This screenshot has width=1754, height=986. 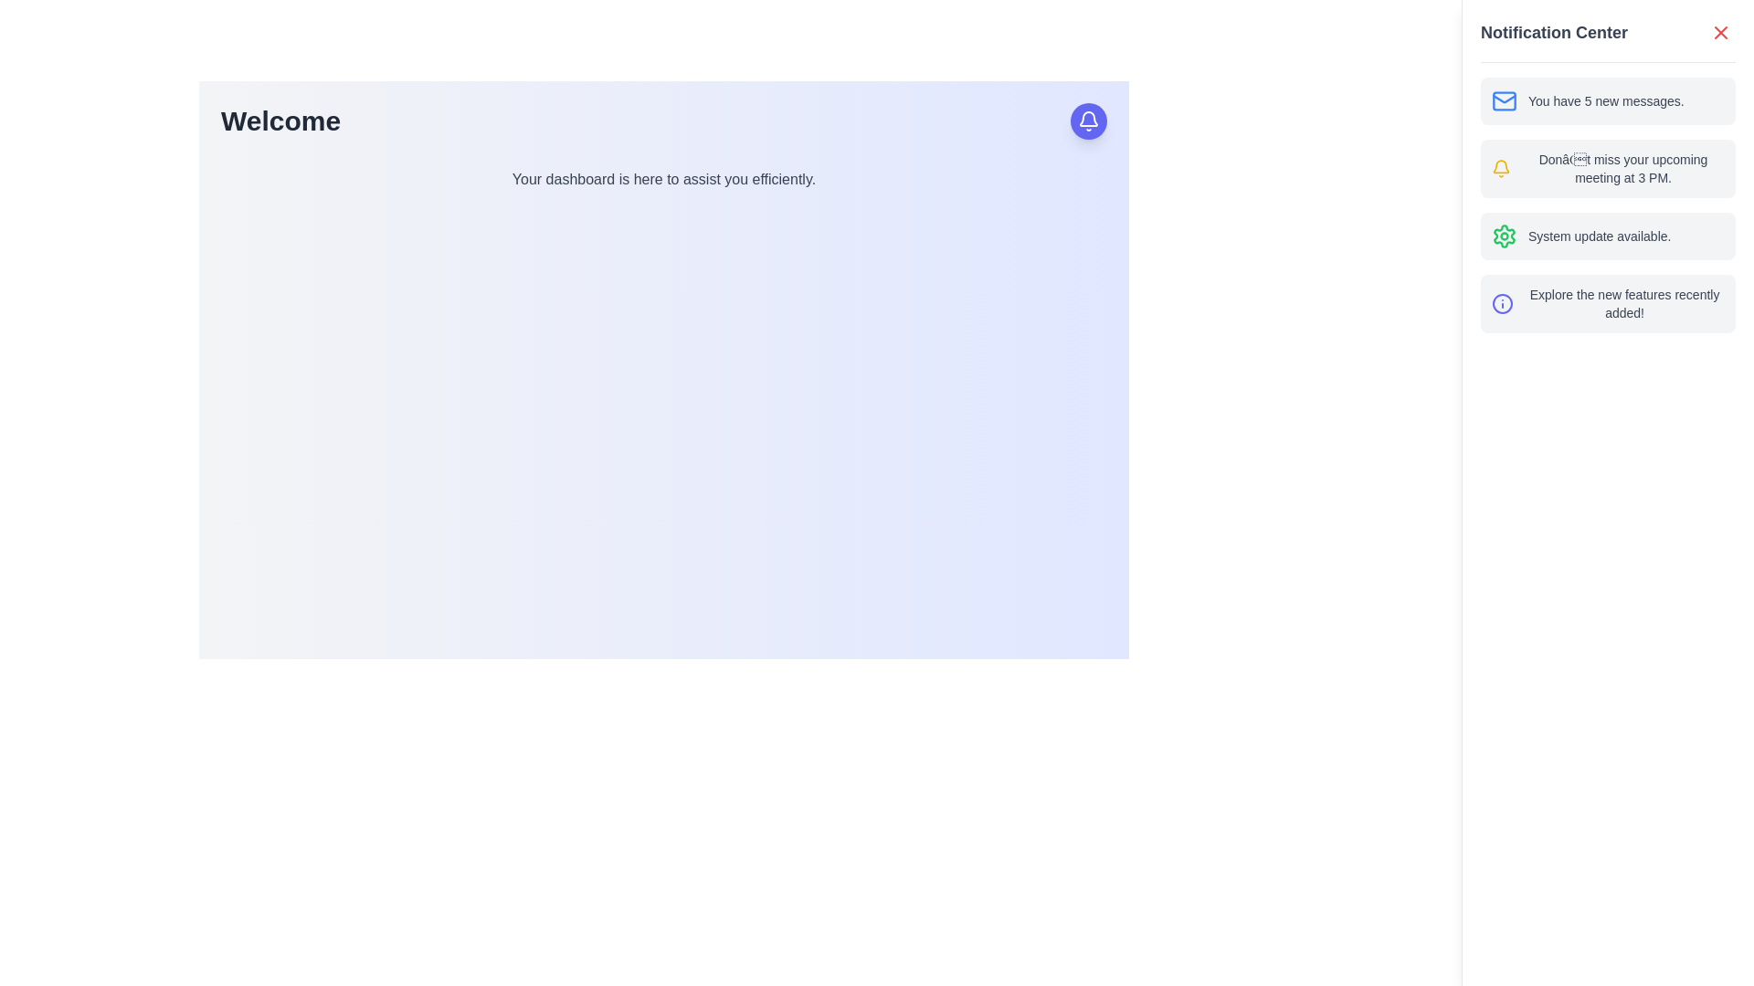 I want to click on the informational text element that conveys new features in the system, located at the bottom of the notification list in the sidebar, so click(x=1624, y=302).